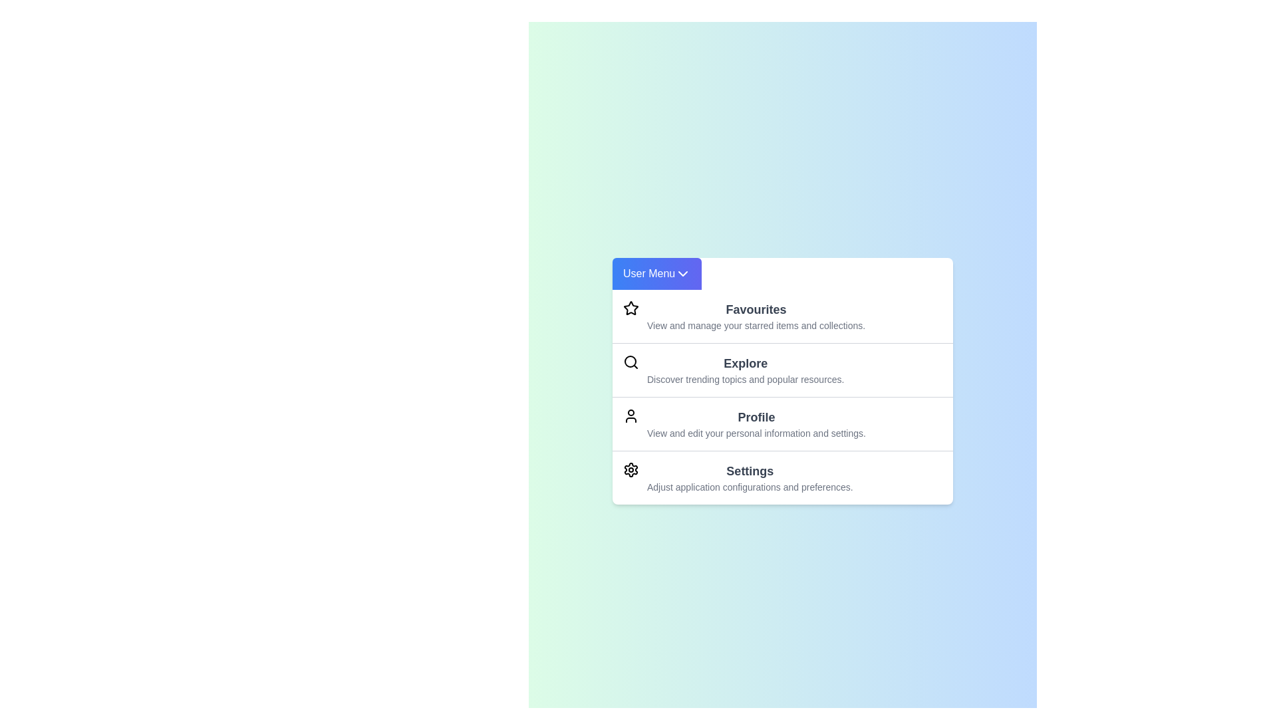 This screenshot has width=1277, height=718. Describe the element at coordinates (782, 316) in the screenshot. I see `the 'Favourites' section in the menu` at that location.